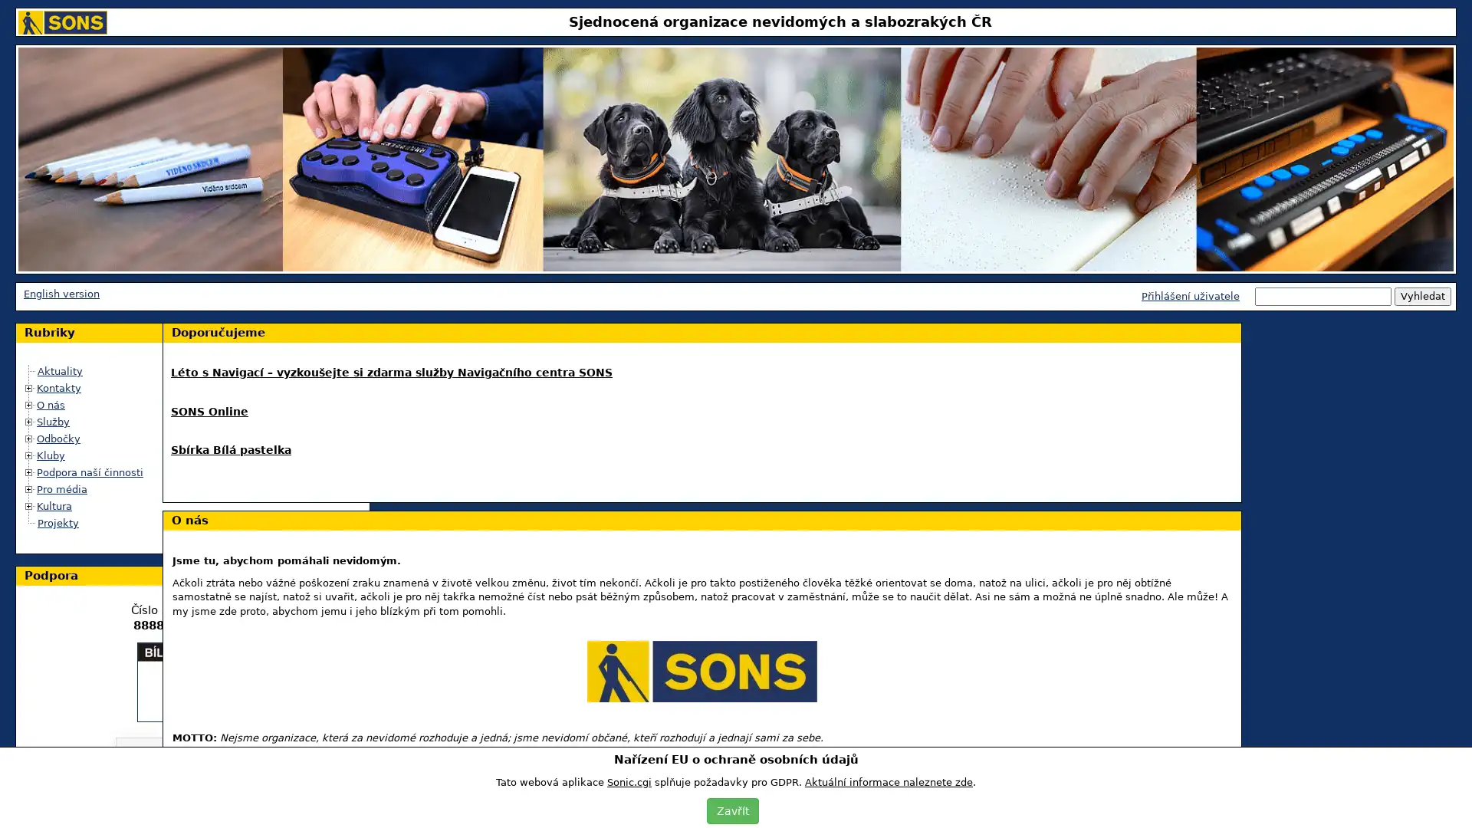 The image size is (1472, 828). Describe the element at coordinates (1422, 296) in the screenshot. I see `Vyhledat` at that location.